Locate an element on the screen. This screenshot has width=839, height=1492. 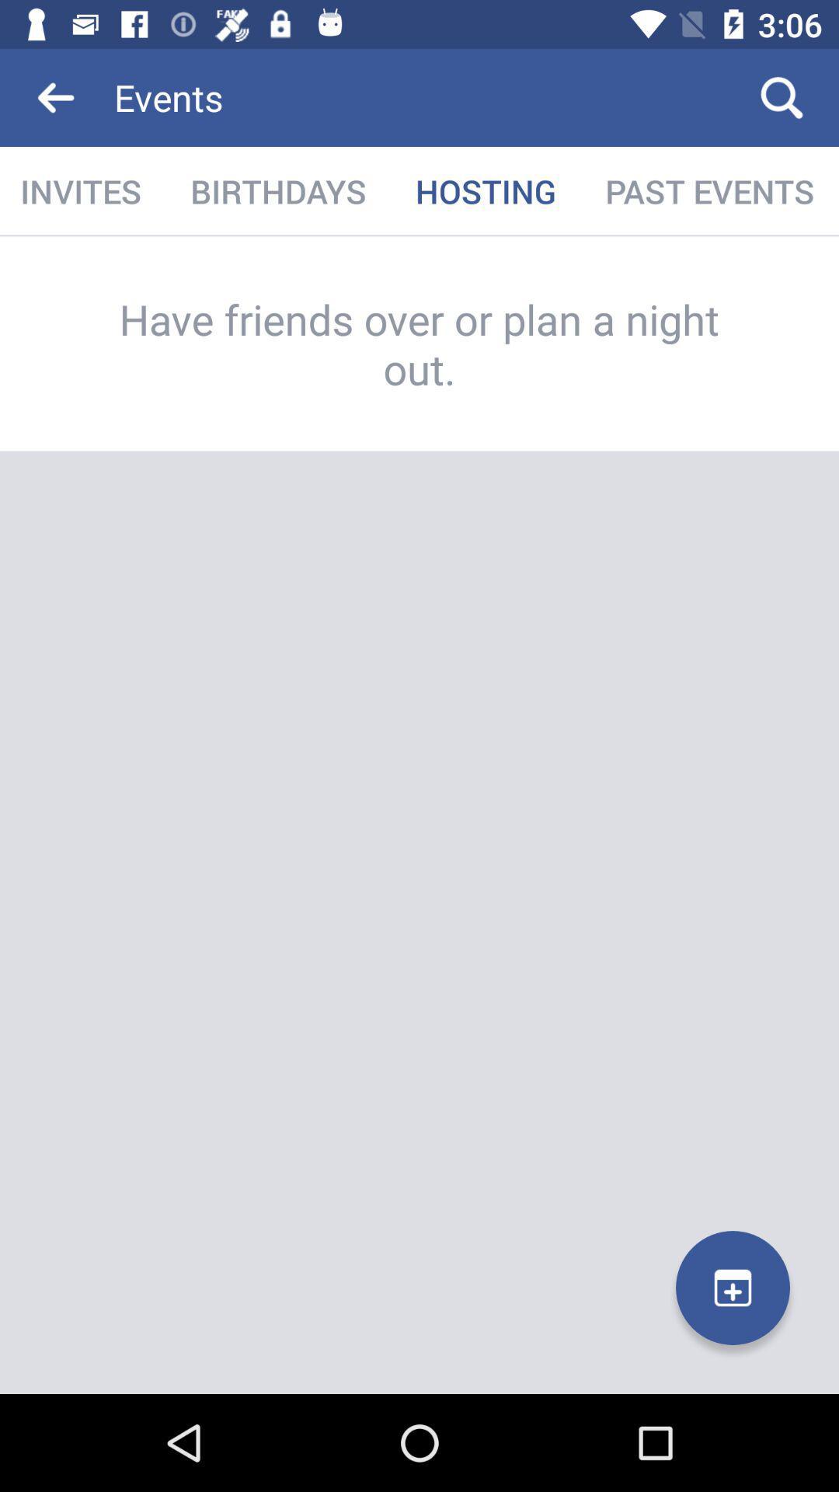
the icon next to invites item is located at coordinates (277, 190).